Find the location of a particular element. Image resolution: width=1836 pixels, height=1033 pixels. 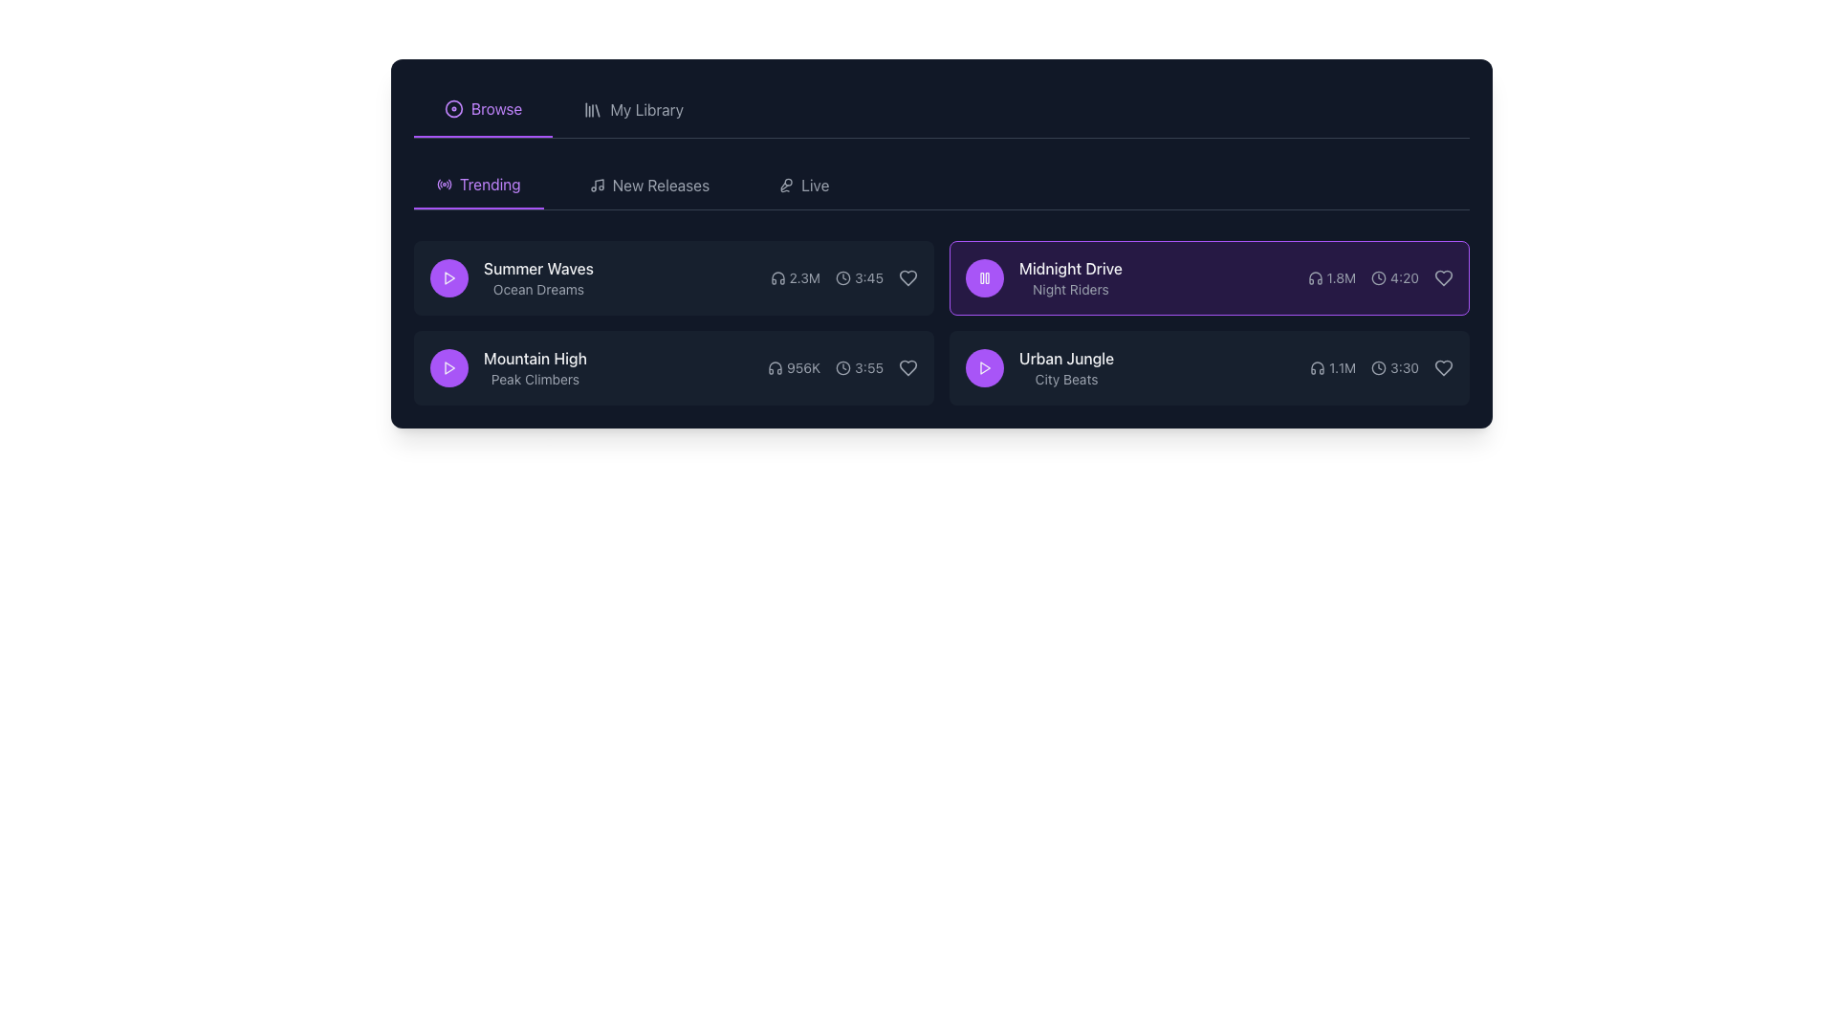

the text element indicating the duration of the track 'Mountain High' by 'Peak Climbers', which is located to the right of the headphone icon and follows the play count text '956K' is located at coordinates (859, 368).